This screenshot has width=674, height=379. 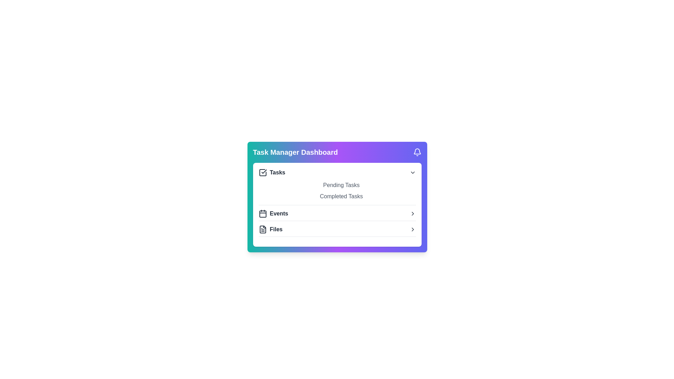 I want to click on the bold text label 'Events', so click(x=278, y=213).